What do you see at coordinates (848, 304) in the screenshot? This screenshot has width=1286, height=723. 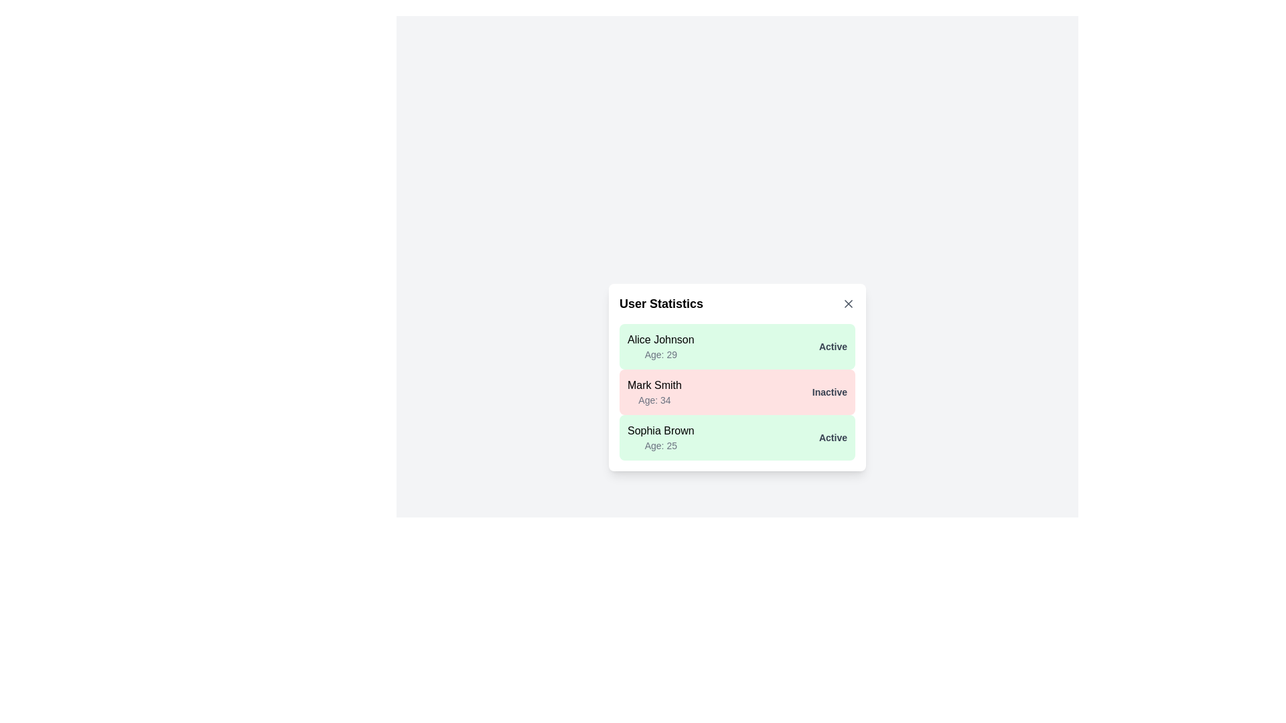 I see `'X' button to close the UserStatsDialog` at bounding box center [848, 304].